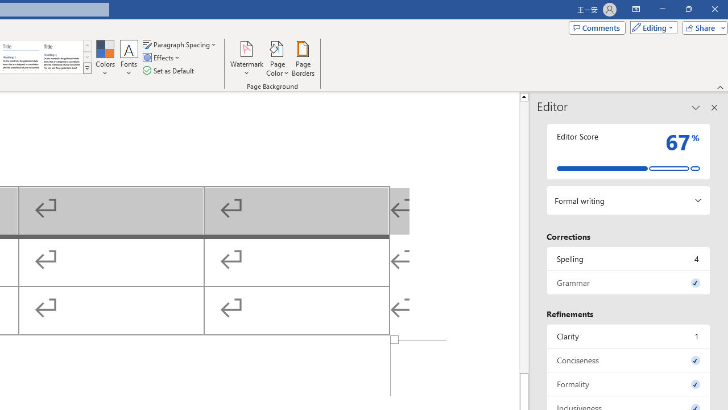  I want to click on 'Formality, 0 issues. Press space or enter to review items.', so click(628, 384).